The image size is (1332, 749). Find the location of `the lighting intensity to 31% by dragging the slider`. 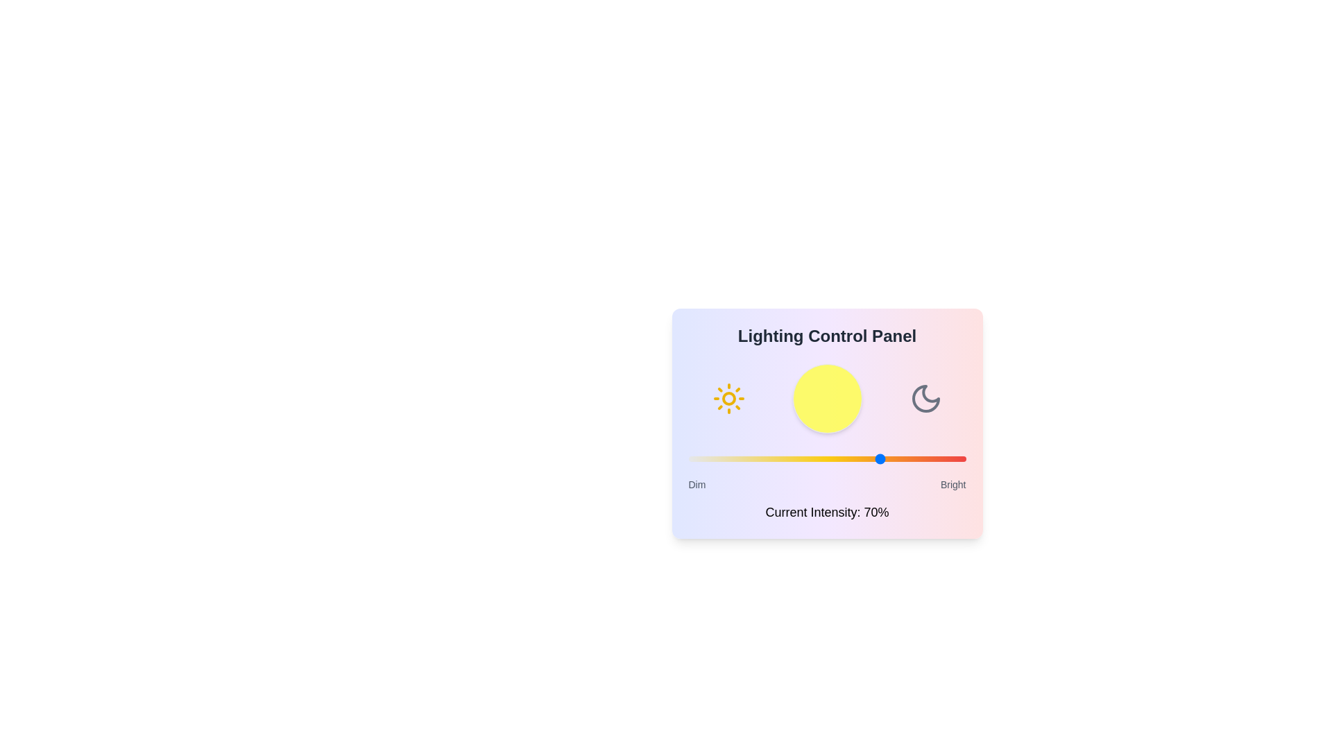

the lighting intensity to 31% by dragging the slider is located at coordinates (774, 459).